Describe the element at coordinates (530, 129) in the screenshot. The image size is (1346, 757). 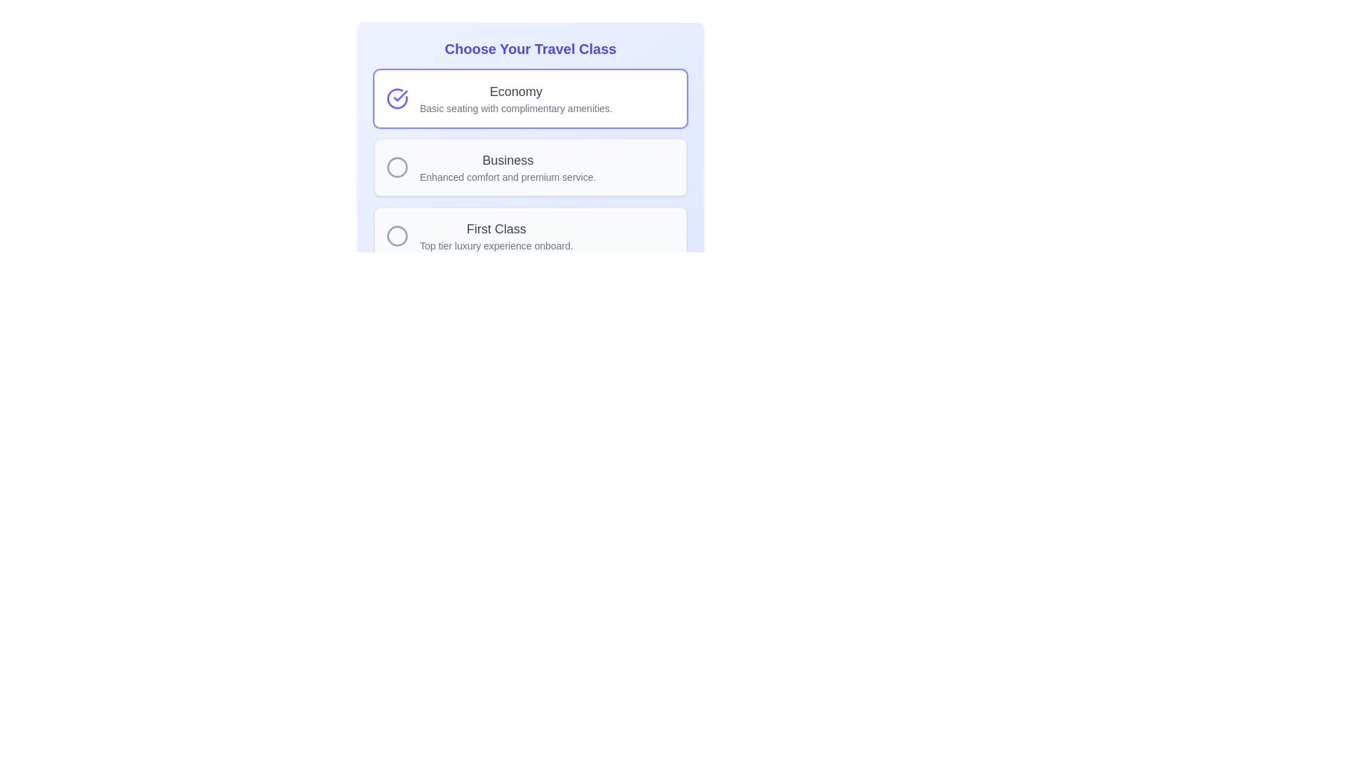
I see `the travel class selection interface` at that location.